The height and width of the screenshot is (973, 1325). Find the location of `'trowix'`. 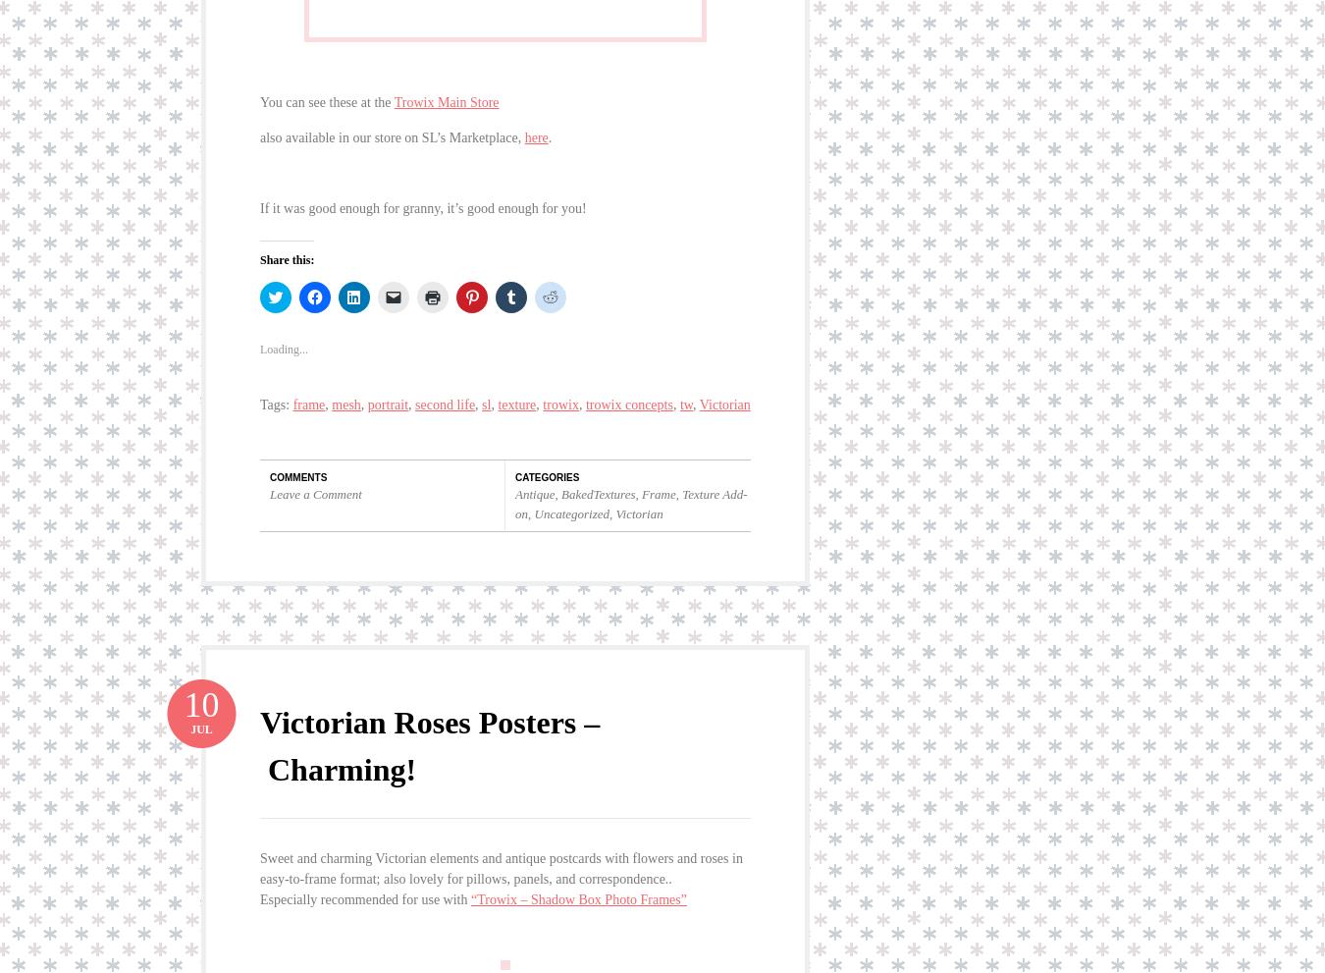

'trowix' is located at coordinates (560, 389).